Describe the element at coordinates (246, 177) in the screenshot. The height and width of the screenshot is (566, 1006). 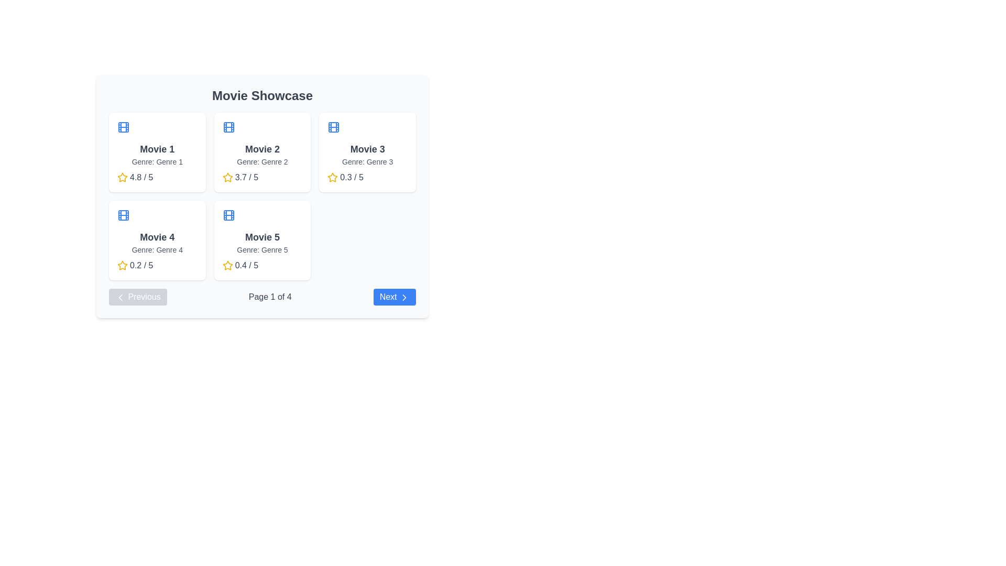
I see `the static text displaying the rating '3.7 / 5' that is located below 'Movie 2' and adjacent to a yellow star icon in the second card of the grid layout` at that location.